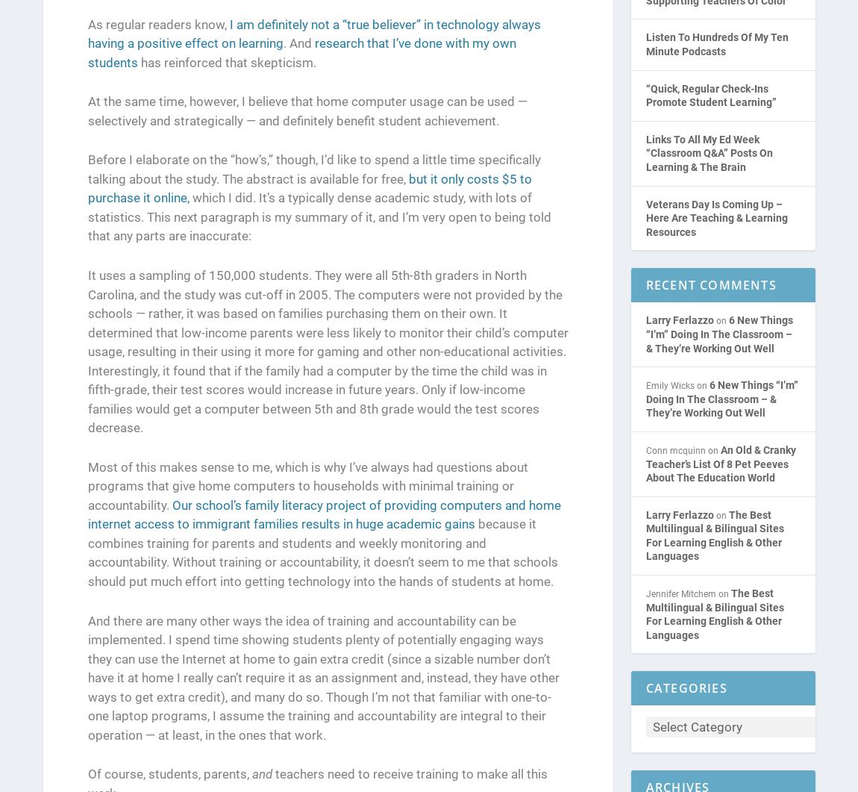  Describe the element at coordinates (716, 217) in the screenshot. I see `'Veterans Day Is Coming Up – Here Are Teaching & Learning Resources'` at that location.